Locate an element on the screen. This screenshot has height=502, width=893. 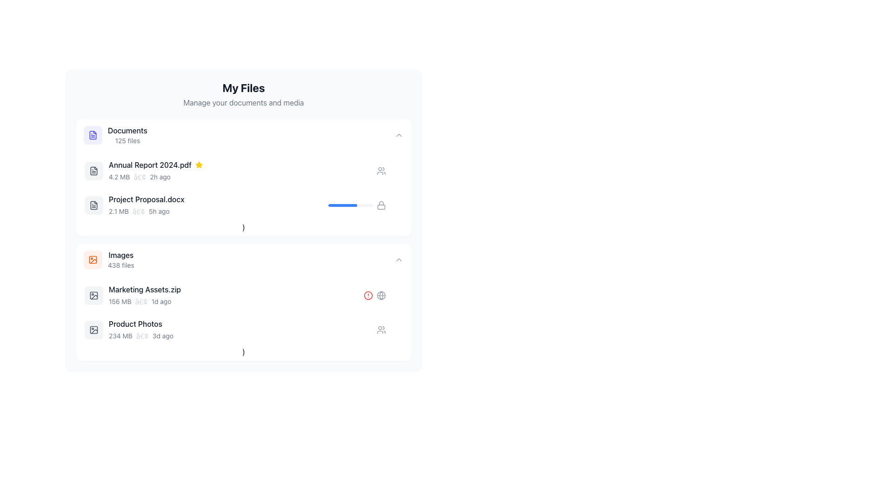
the text label displaying the file name 'Marketing Assets.zip', located in the 'Images' section, specifically the second item under that section is located at coordinates (144, 289).